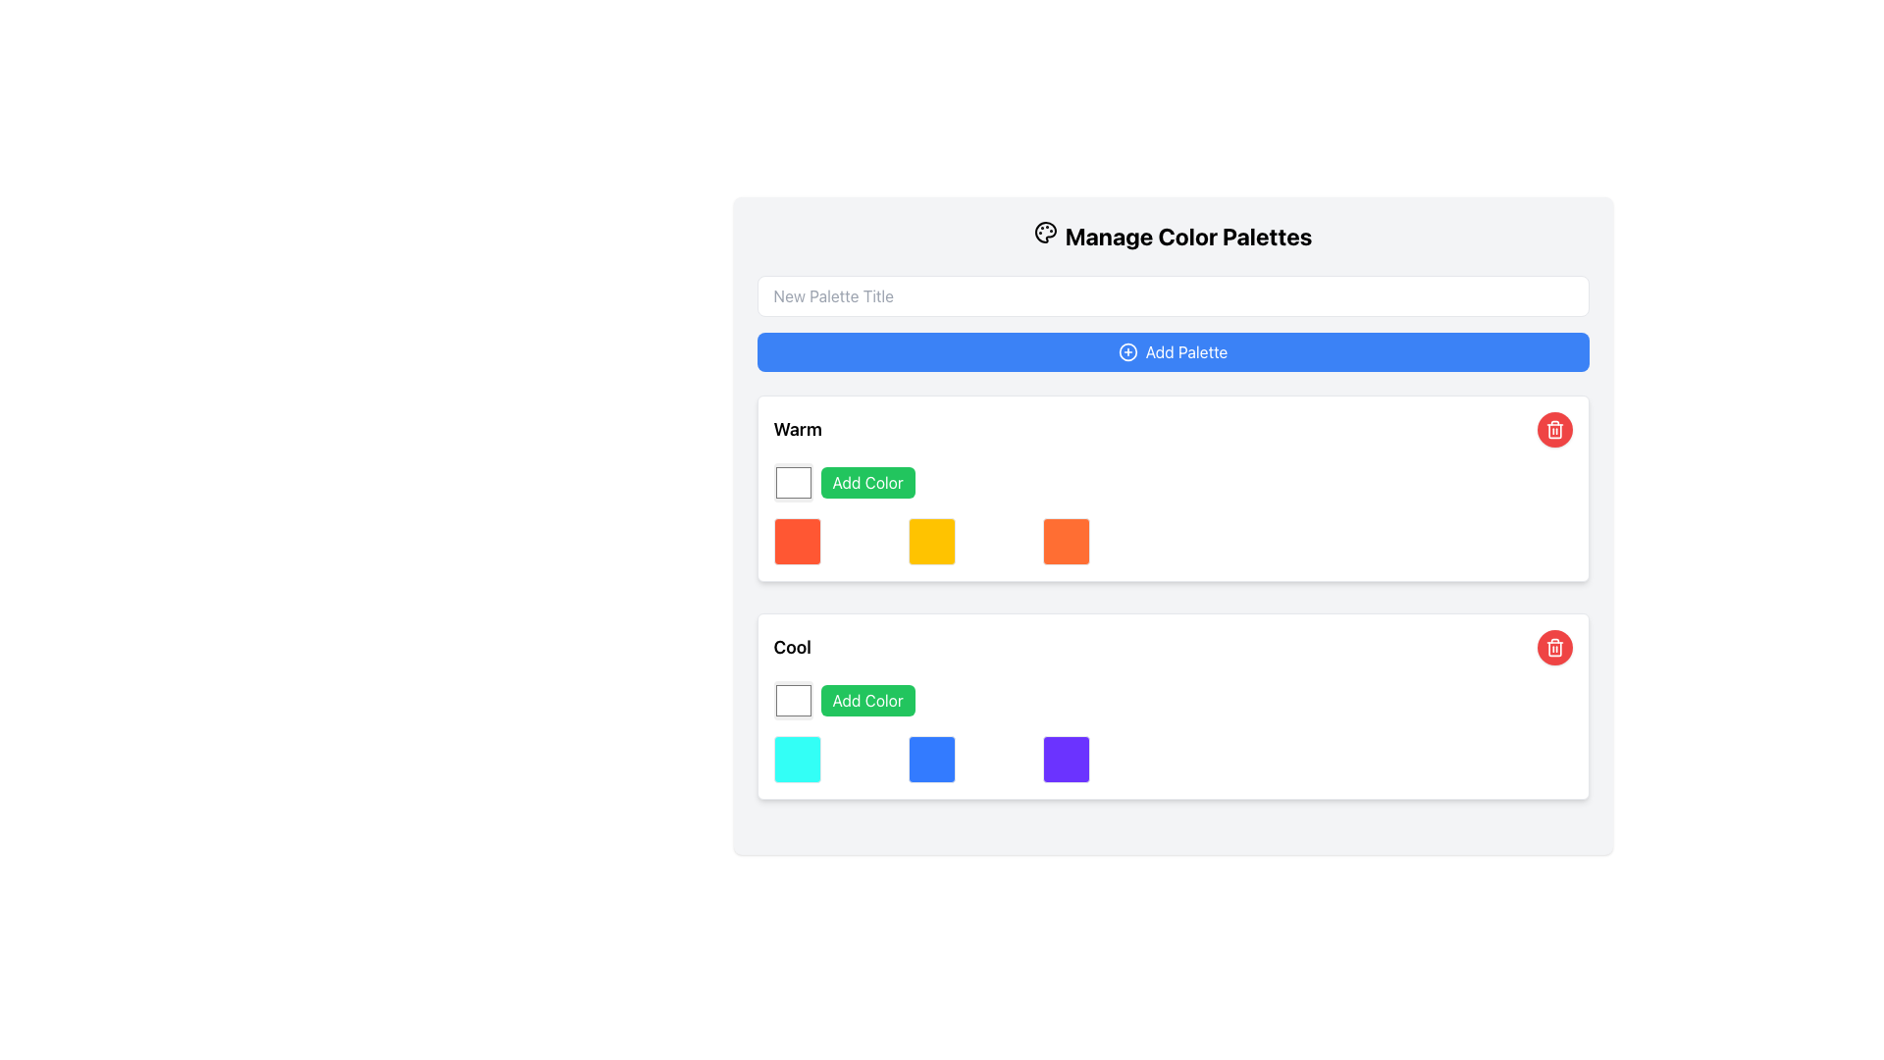 This screenshot has height=1060, width=1884. What do you see at coordinates (866, 483) in the screenshot?
I see `the button to add a new color to the 'Warm' palette, which is located to the right of a square white color swatch in the palette management interface` at bounding box center [866, 483].